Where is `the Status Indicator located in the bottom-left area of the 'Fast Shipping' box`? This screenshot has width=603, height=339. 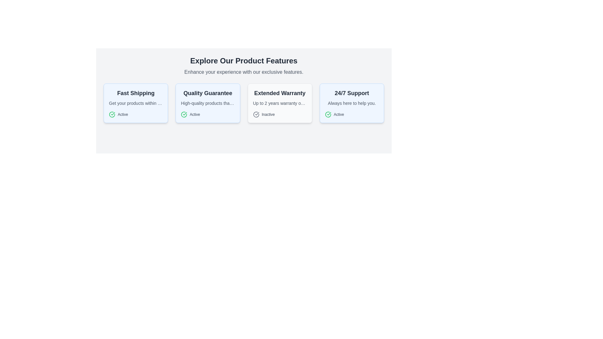
the Status Indicator located in the bottom-left area of the 'Fast Shipping' box is located at coordinates (135, 115).